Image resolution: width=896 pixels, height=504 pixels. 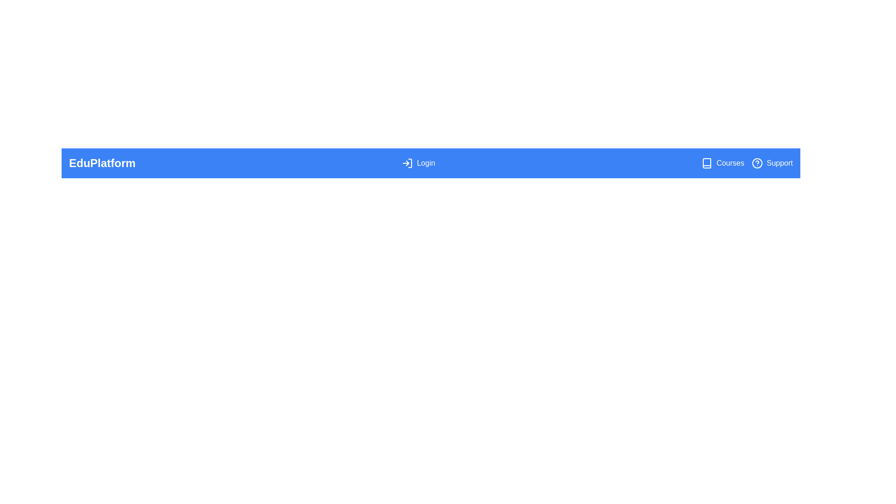 What do you see at coordinates (418, 163) in the screenshot?
I see `the 'Login' button, which is styled with white text on a blue background` at bounding box center [418, 163].